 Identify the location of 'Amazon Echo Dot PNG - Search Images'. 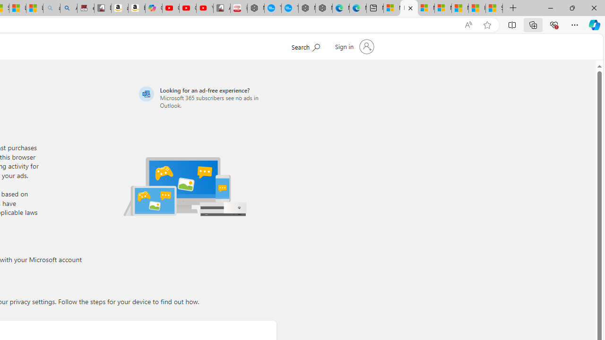
(68, 8).